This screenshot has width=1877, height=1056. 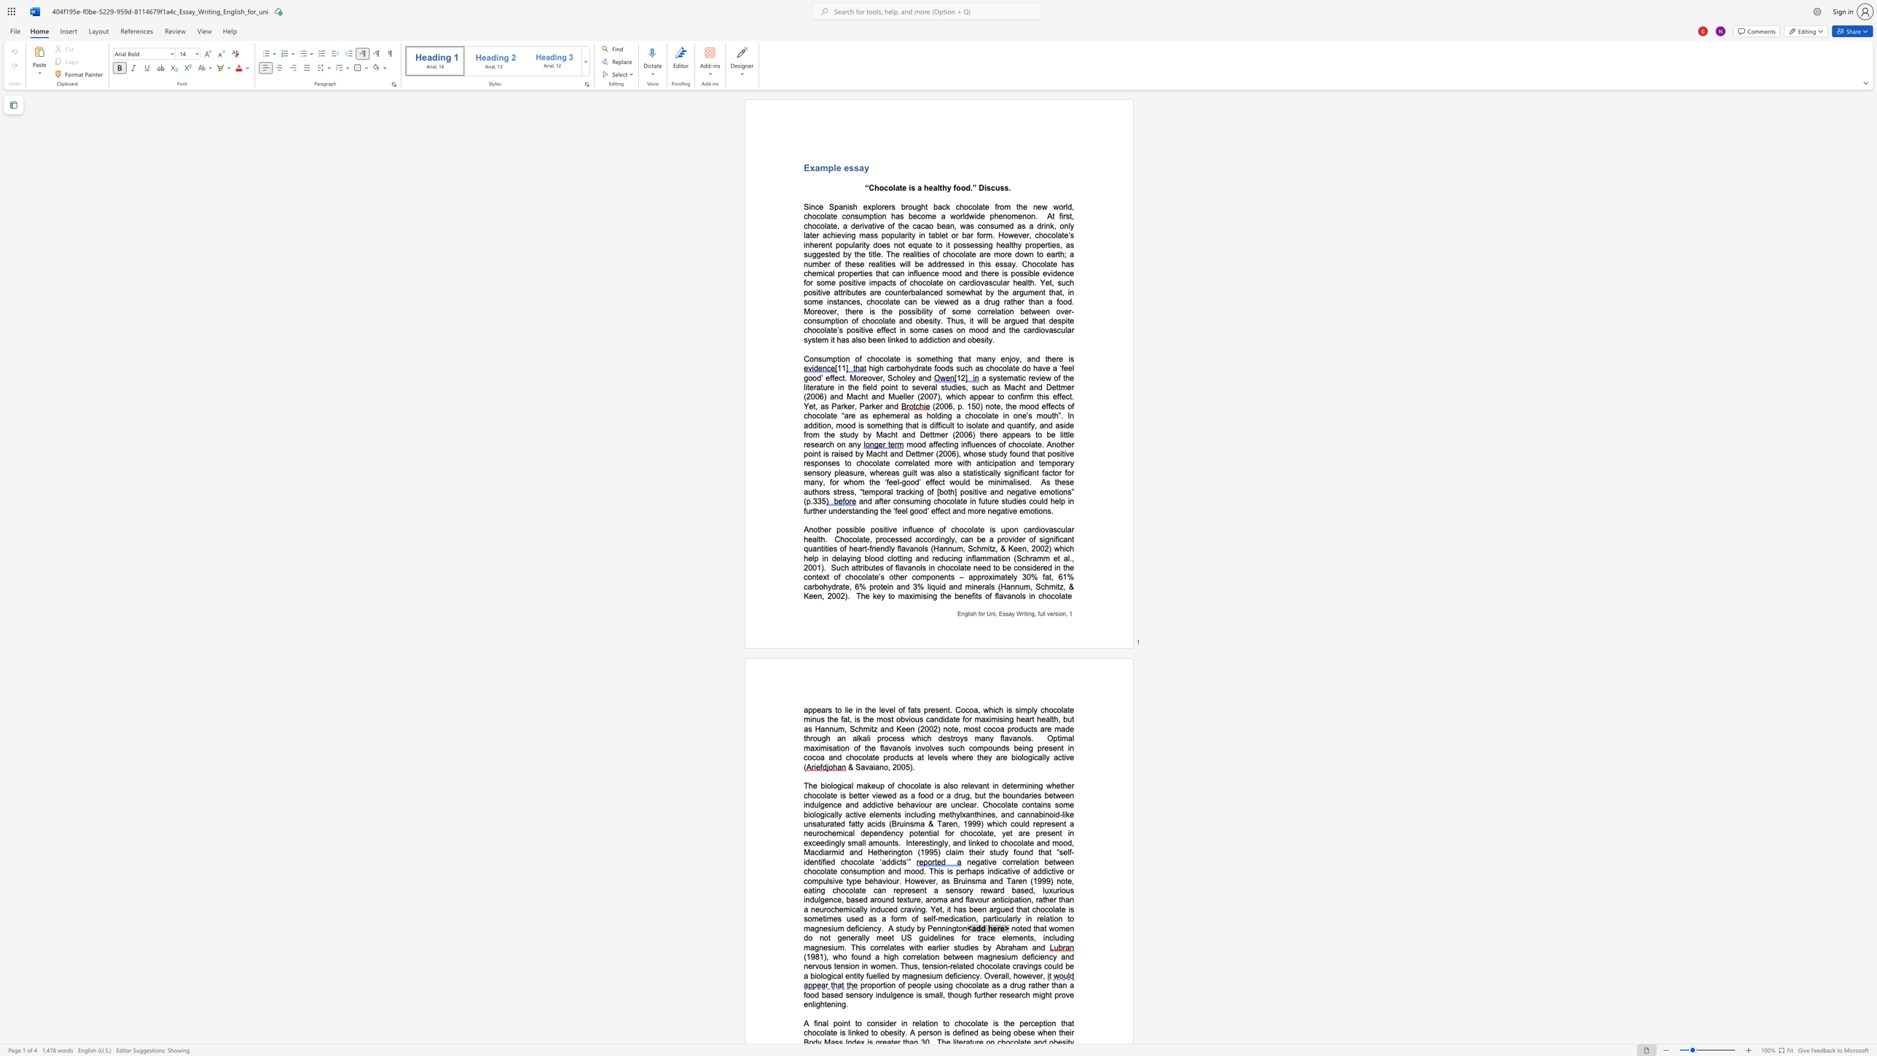 I want to click on the subset text "ependency potenti" within the text "a neurochemical dependency potential for chocolate, yet are present in exceedingly small amounts", so click(x=865, y=832).